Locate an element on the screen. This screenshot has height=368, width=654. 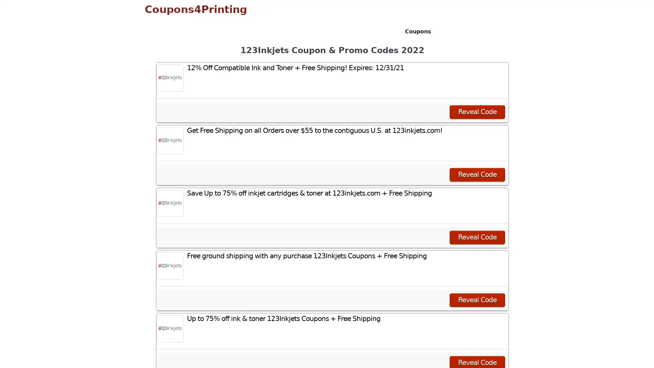
Reveal Code is located at coordinates (477, 174).